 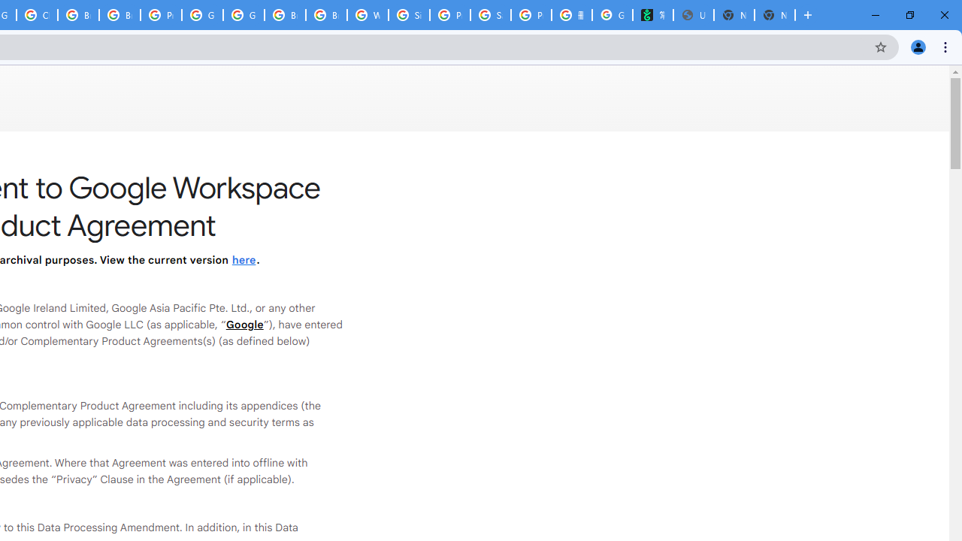 What do you see at coordinates (775, 15) in the screenshot?
I see `'New Tab'` at bounding box center [775, 15].